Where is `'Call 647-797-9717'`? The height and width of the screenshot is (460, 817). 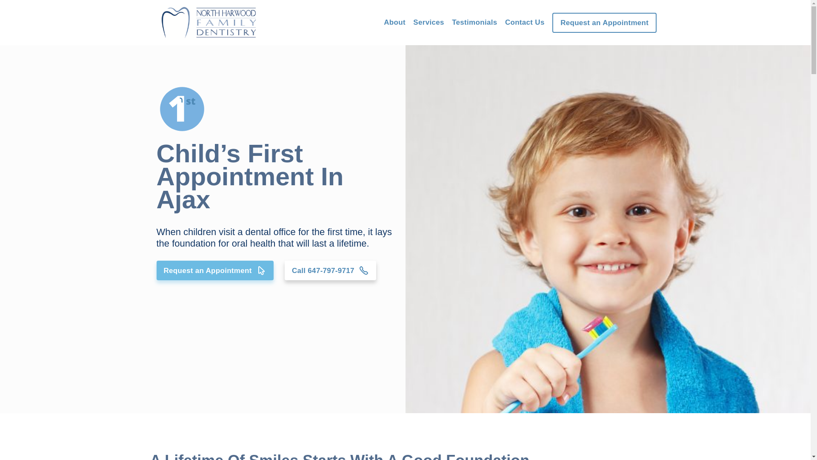
'Call 647-797-9717' is located at coordinates (330, 270).